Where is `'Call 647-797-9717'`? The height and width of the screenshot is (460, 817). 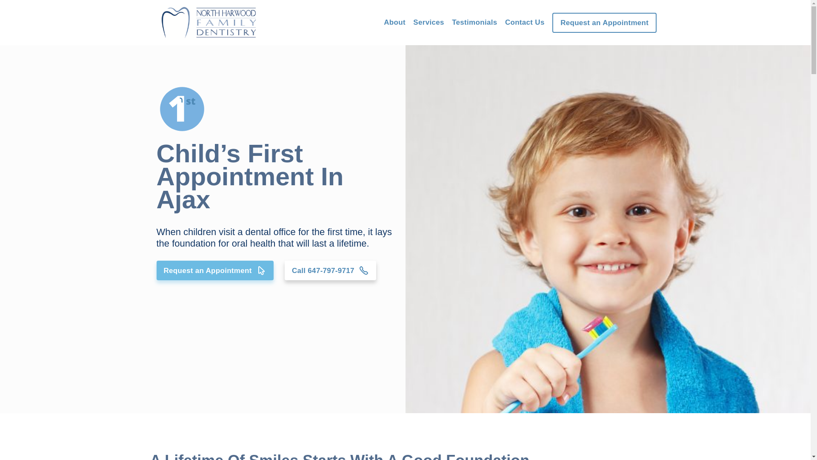
'Call 647-797-9717' is located at coordinates (330, 270).